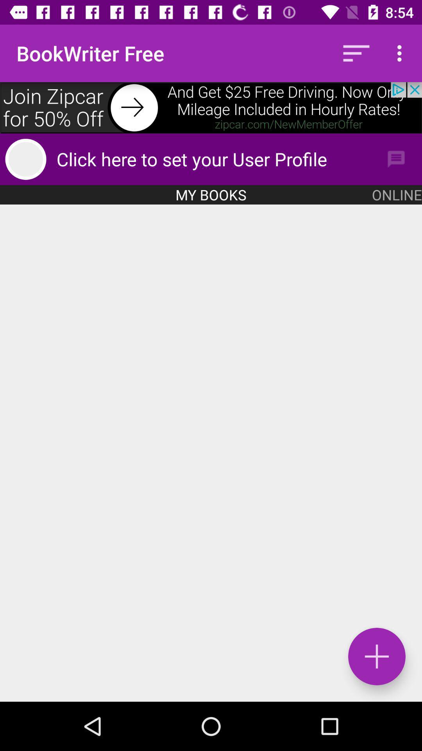 The height and width of the screenshot is (751, 422). Describe the element at coordinates (211, 107) in the screenshot. I see `banner advertisements` at that location.